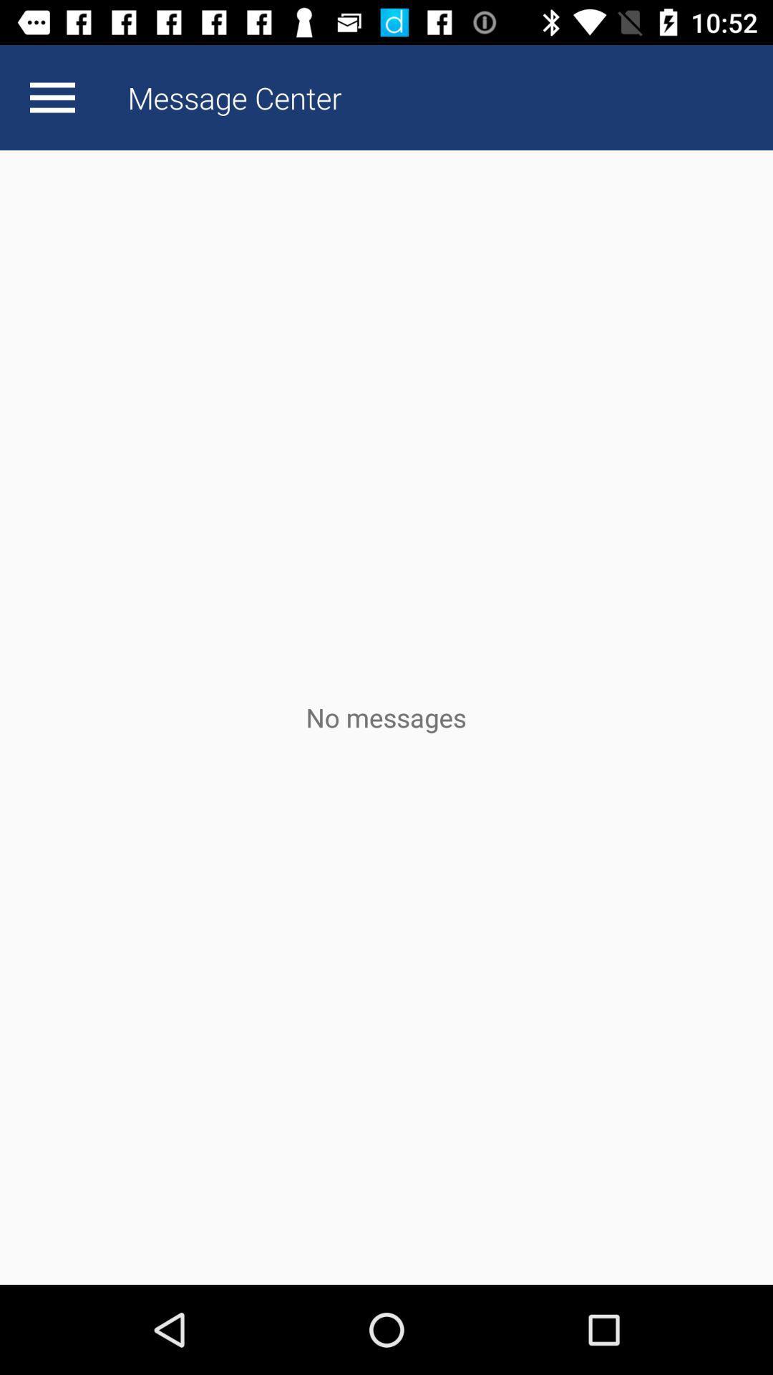  Describe the element at coordinates (52, 97) in the screenshot. I see `click for dropdown box` at that location.